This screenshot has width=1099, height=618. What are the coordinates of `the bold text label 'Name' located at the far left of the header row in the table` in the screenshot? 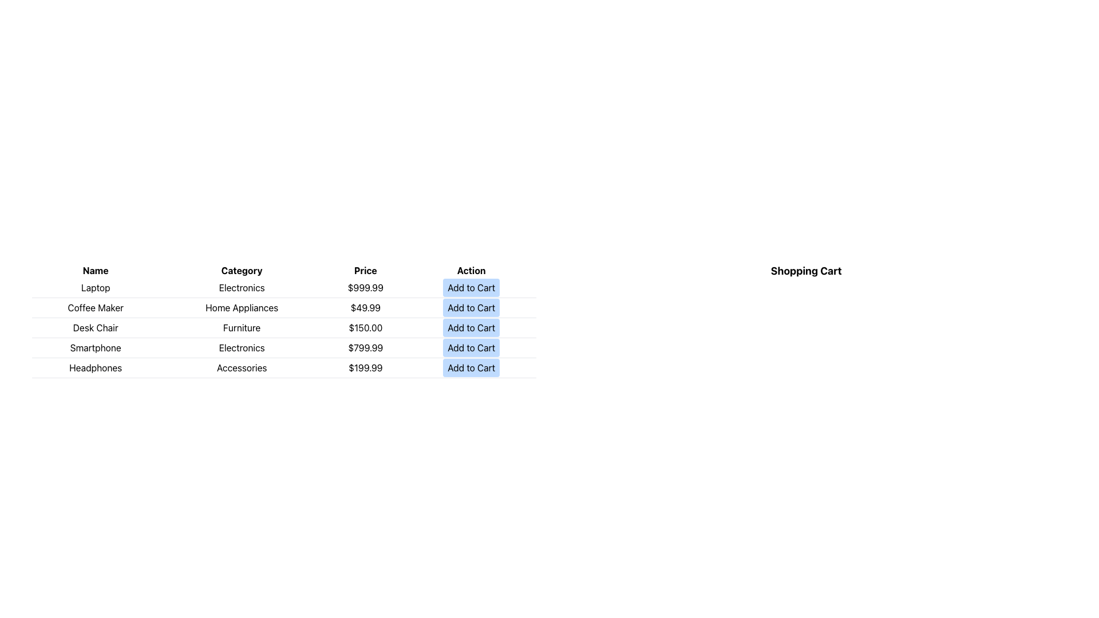 It's located at (96, 271).